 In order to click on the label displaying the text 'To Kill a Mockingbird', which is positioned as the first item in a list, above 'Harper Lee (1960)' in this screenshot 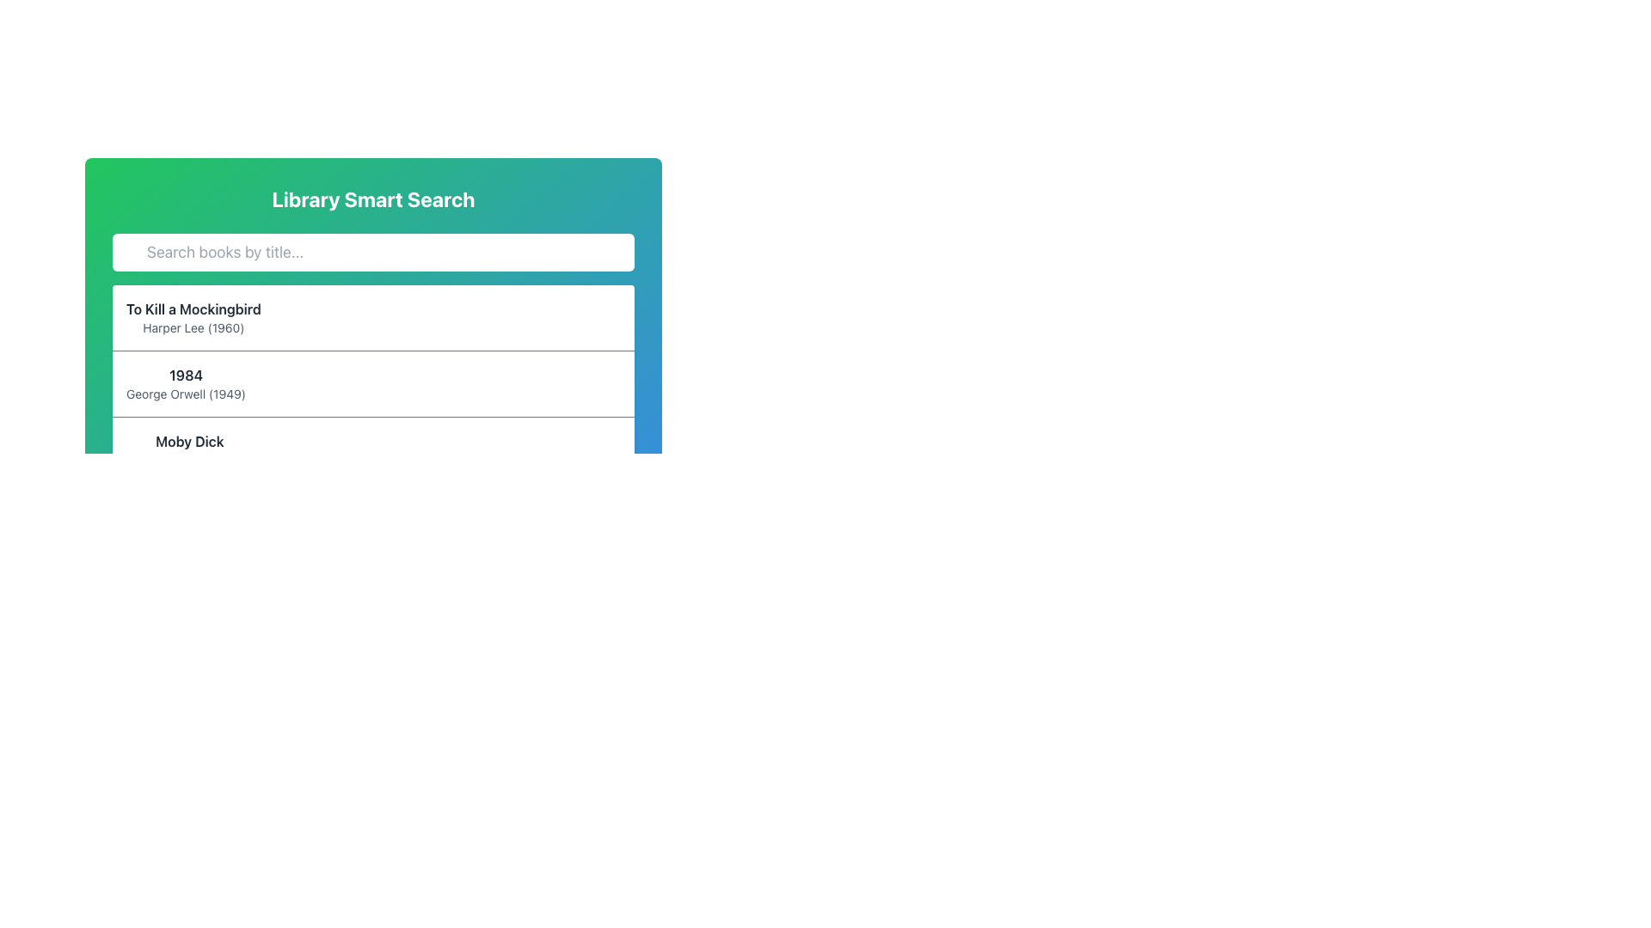, I will do `click(193, 308)`.